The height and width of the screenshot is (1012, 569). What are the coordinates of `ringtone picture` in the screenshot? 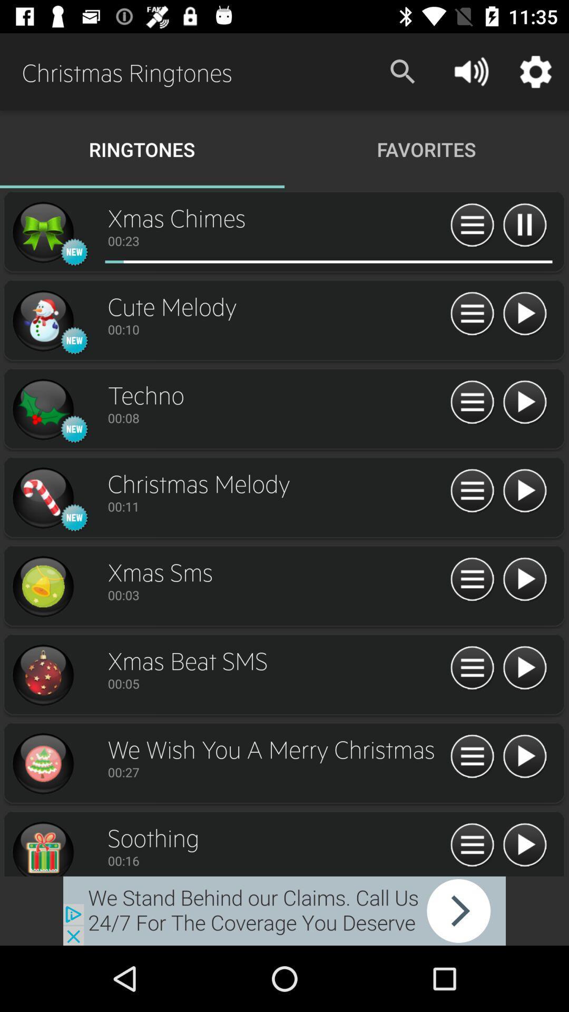 It's located at (42, 320).